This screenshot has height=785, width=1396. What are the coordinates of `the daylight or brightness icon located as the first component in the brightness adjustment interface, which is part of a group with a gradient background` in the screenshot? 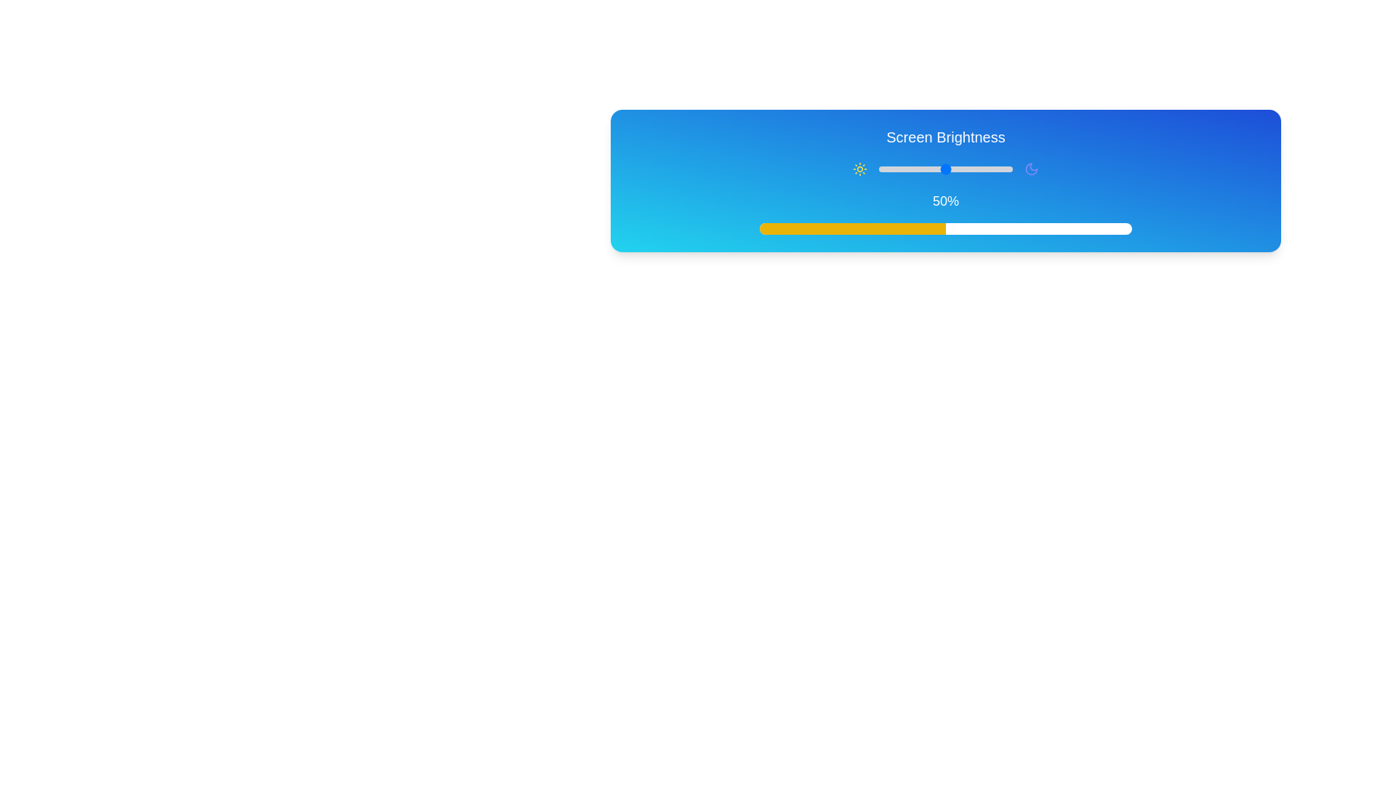 It's located at (860, 168).